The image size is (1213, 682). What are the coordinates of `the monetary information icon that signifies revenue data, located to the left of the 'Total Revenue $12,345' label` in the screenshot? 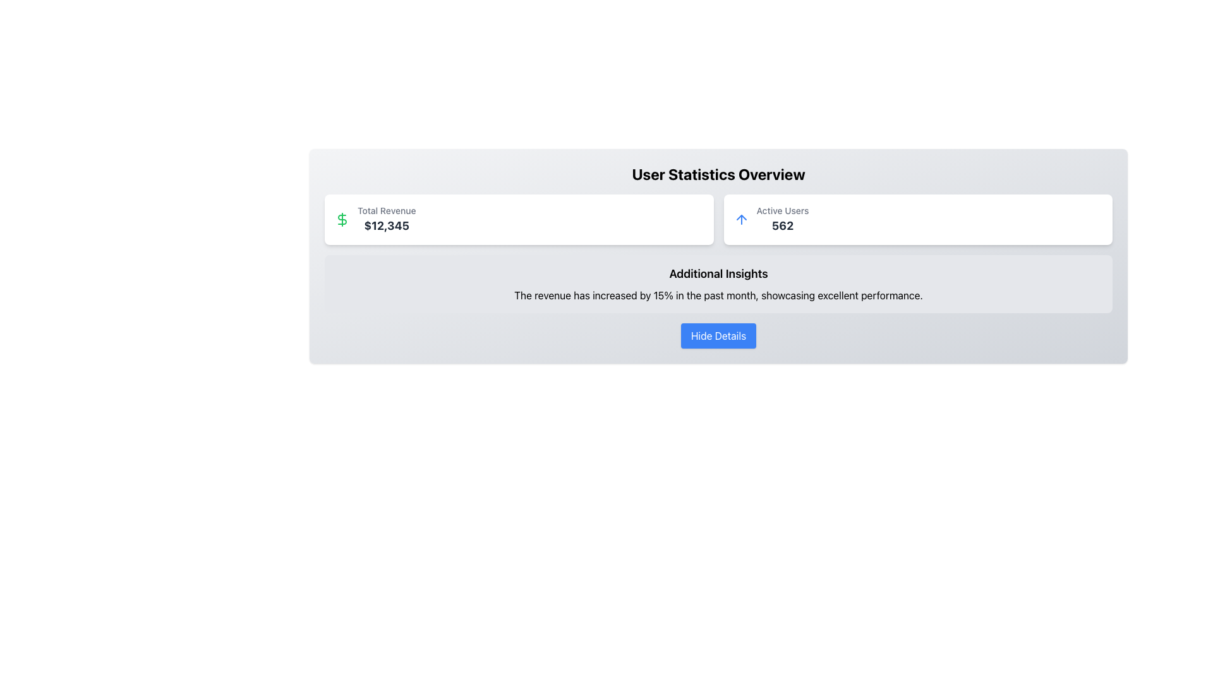 It's located at (342, 218).